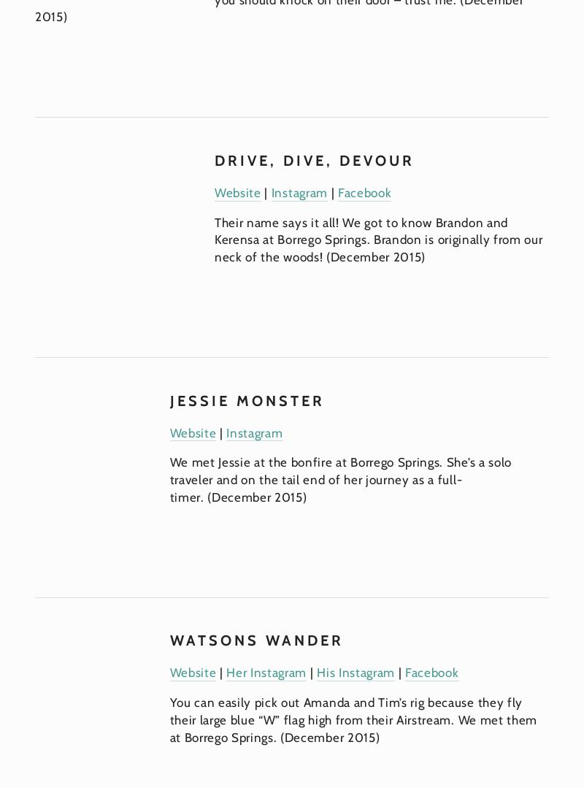  I want to click on 'Drive, Dive, Devour', so click(314, 159).